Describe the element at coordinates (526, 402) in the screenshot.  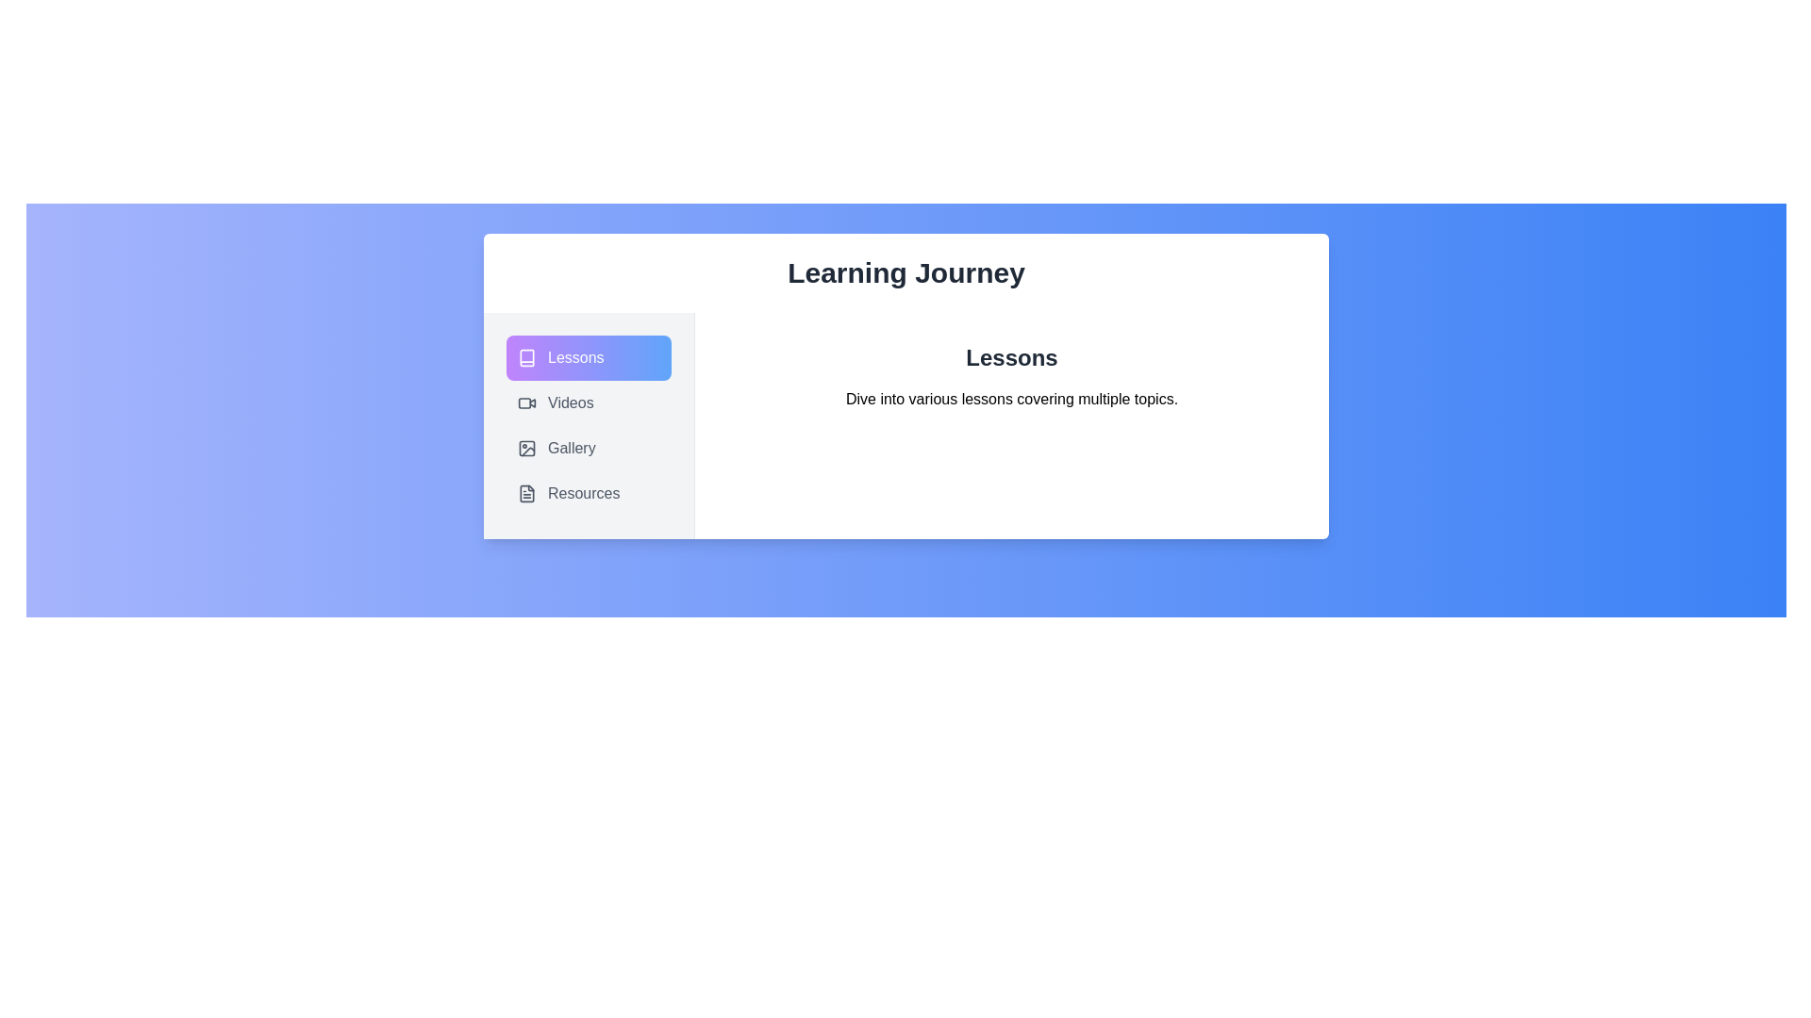
I see `the icon of the Videos tab to activate it` at that location.